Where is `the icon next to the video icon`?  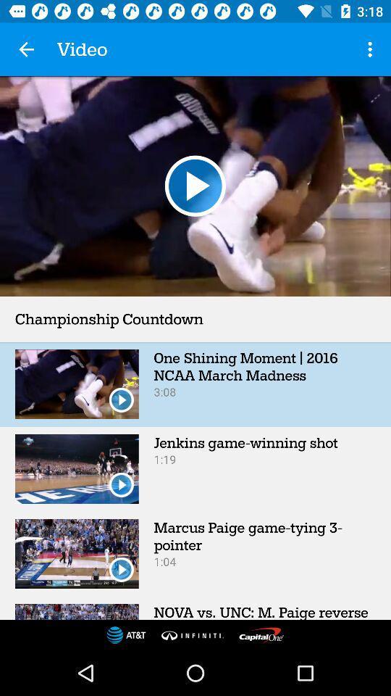
the icon next to the video icon is located at coordinates (26, 49).